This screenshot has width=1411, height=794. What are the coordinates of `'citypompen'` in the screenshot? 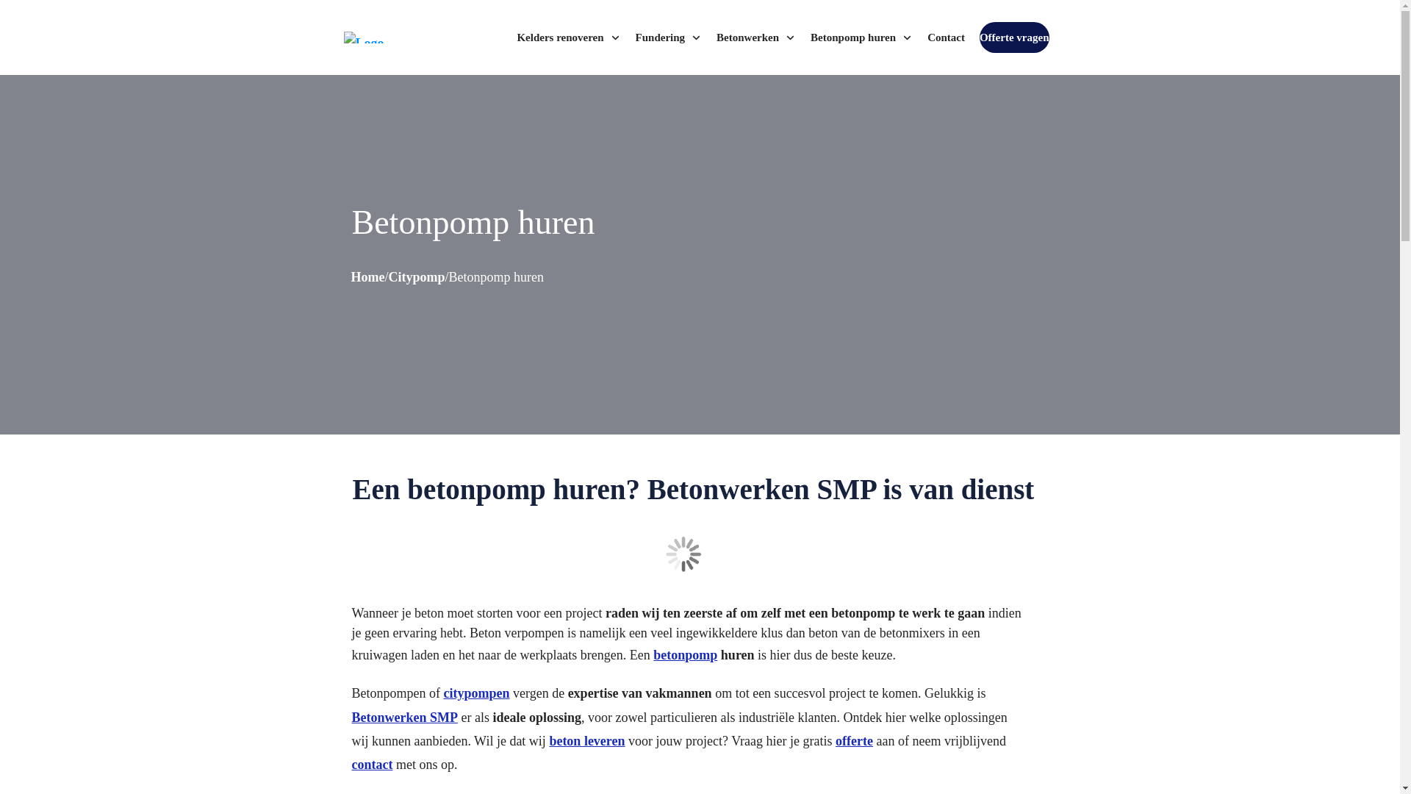 It's located at (476, 693).